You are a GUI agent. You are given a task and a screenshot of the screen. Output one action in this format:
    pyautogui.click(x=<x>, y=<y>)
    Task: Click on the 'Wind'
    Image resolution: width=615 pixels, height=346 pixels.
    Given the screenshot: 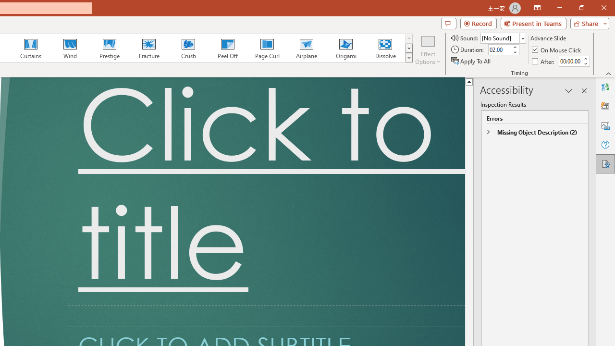 What is the action you would take?
    pyautogui.click(x=69, y=48)
    